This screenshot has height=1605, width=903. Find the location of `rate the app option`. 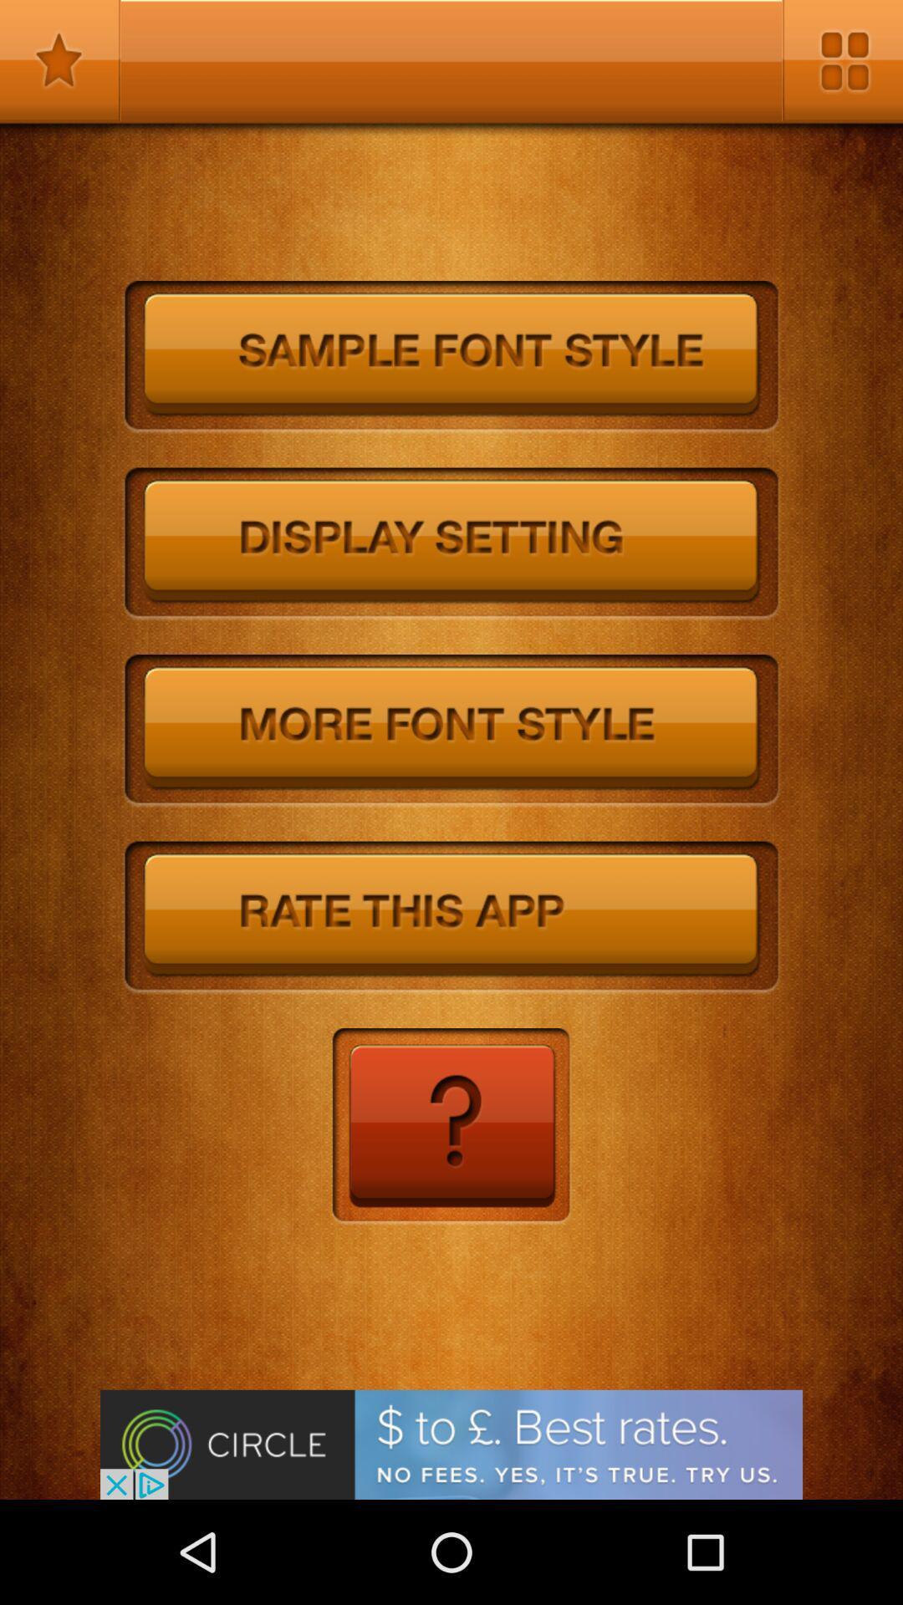

rate the app option is located at coordinates (451, 917).